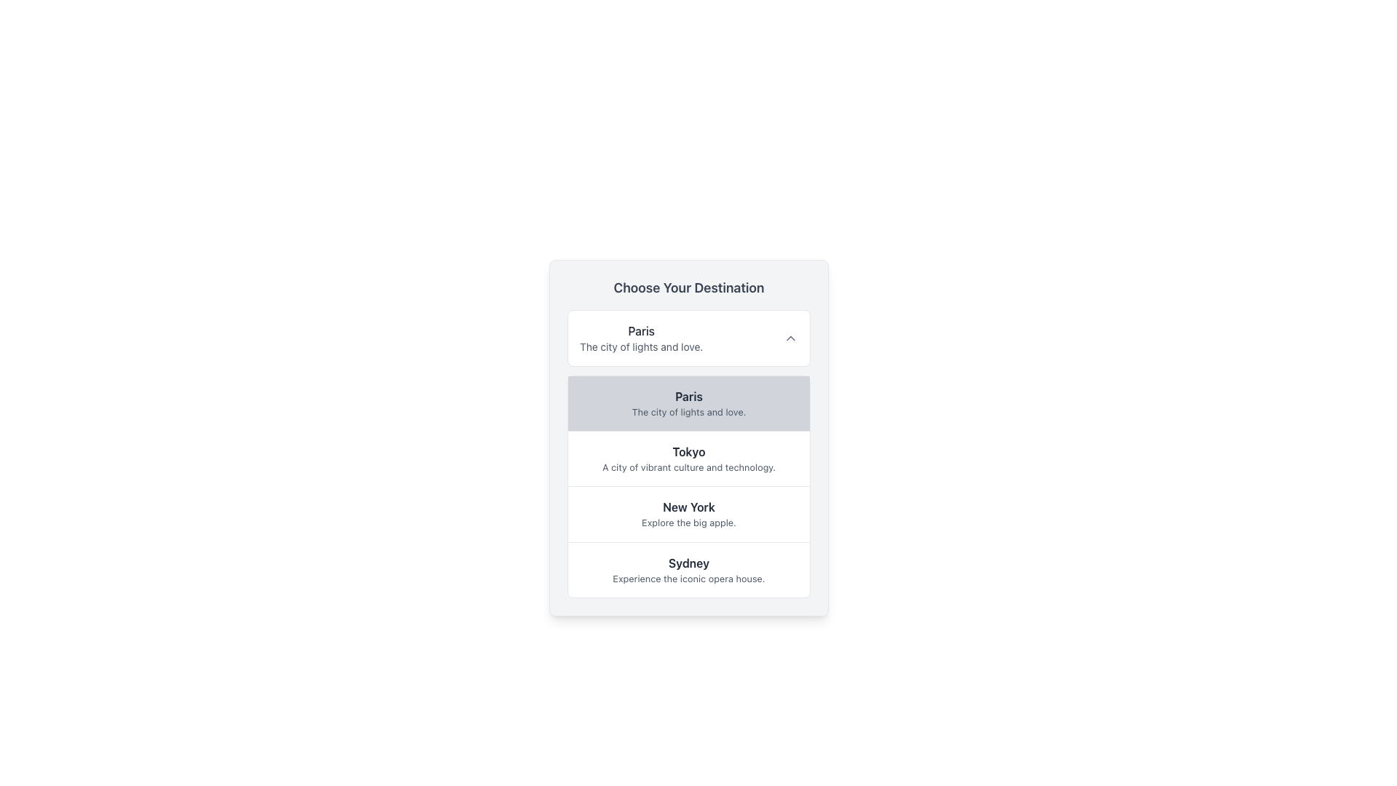  What do you see at coordinates (688, 568) in the screenshot?
I see `the last list item containing the title 'Sydney' and the description 'Experience the iconic opera house.' located under the 'Choose Your Destination' section` at bounding box center [688, 568].